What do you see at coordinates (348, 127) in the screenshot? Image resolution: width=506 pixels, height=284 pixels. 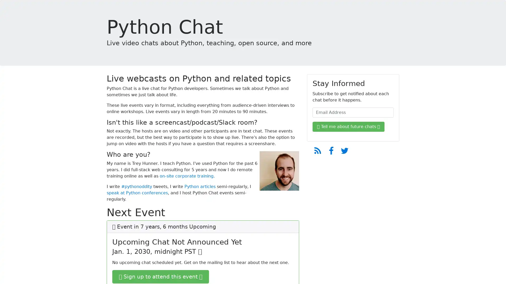 I see `Tell me about future chats` at bounding box center [348, 127].